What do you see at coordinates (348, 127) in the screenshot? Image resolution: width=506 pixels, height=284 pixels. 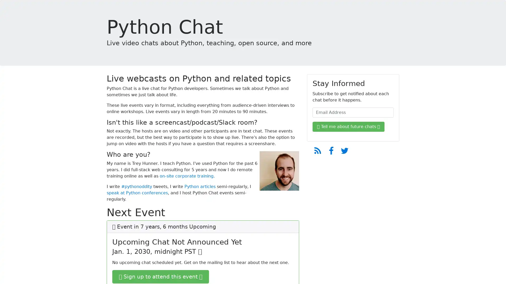 I see `Tell me about future chats` at bounding box center [348, 127].